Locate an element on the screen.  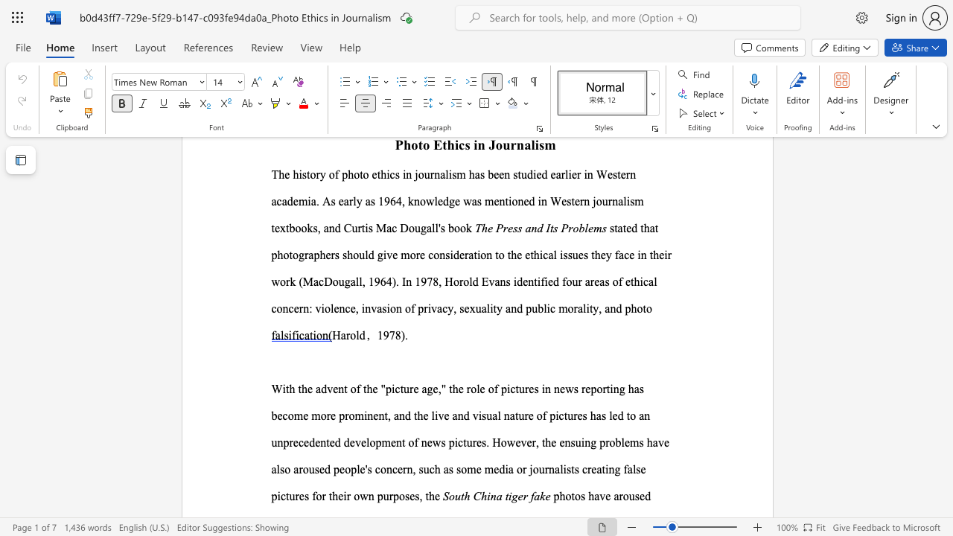
the subset text "978)" within the text "Harold，1978)." is located at coordinates (383, 335).